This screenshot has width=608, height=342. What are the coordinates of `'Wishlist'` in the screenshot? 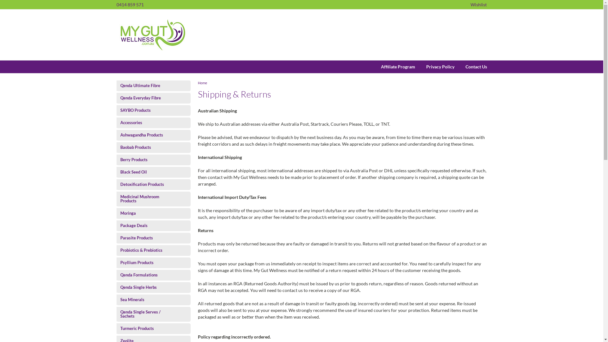 It's located at (478, 4).